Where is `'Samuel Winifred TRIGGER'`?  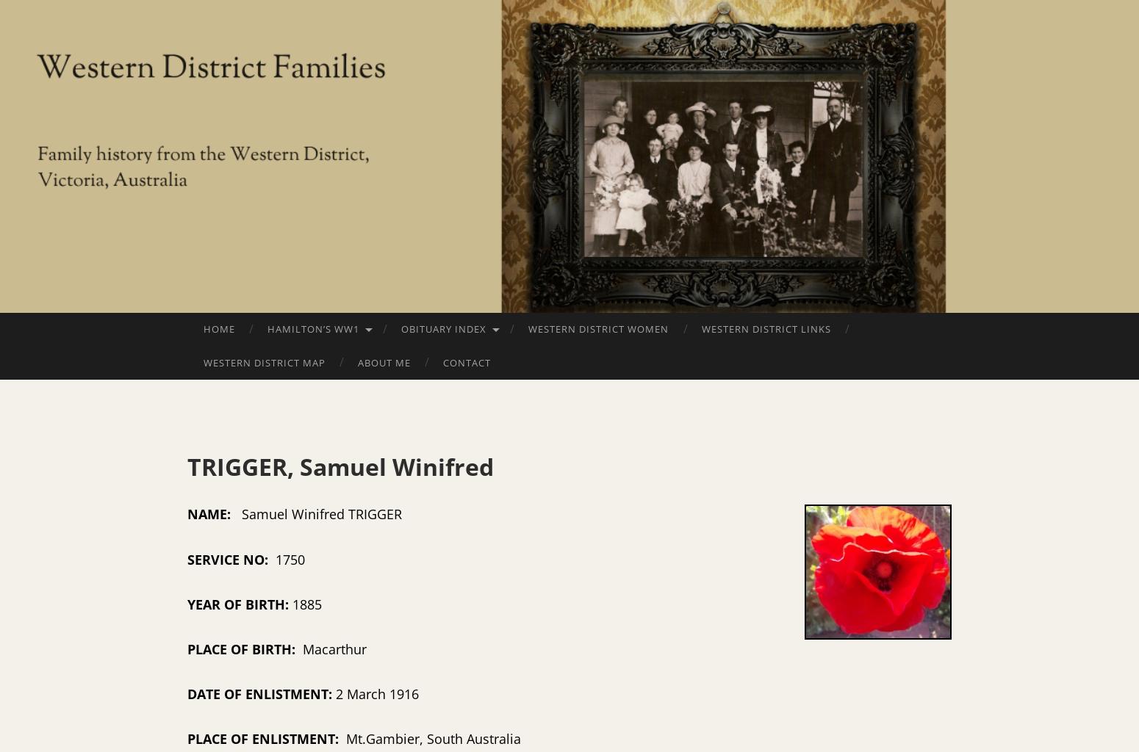 'Samuel Winifred TRIGGER' is located at coordinates (482, 514).